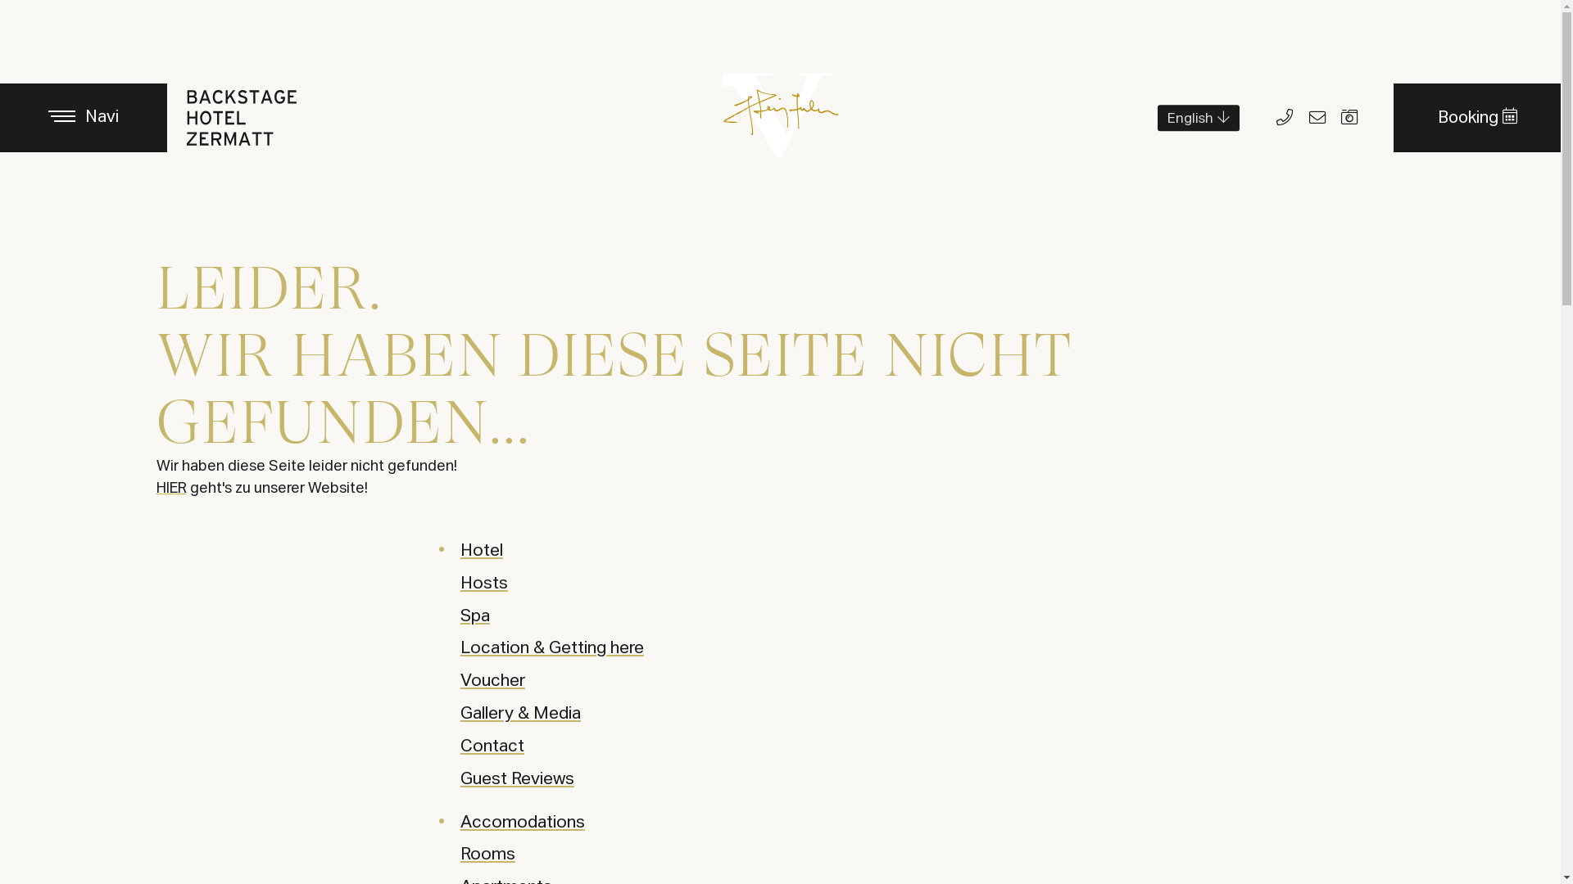 The image size is (1573, 884). I want to click on 'English', so click(1167, 116).